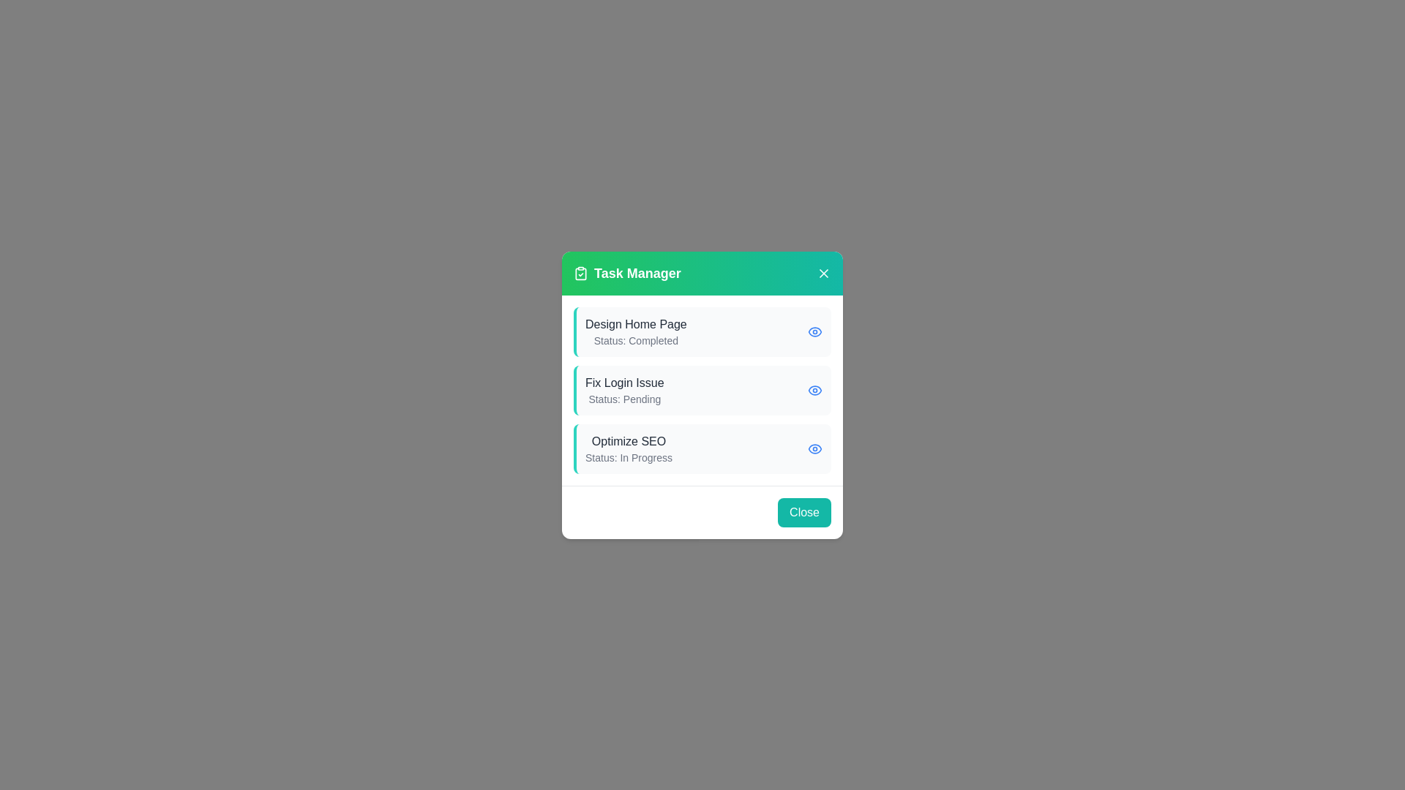  Describe the element at coordinates (814, 389) in the screenshot. I see `the icon button located next to the 'Fix Login Issue' task` at that location.